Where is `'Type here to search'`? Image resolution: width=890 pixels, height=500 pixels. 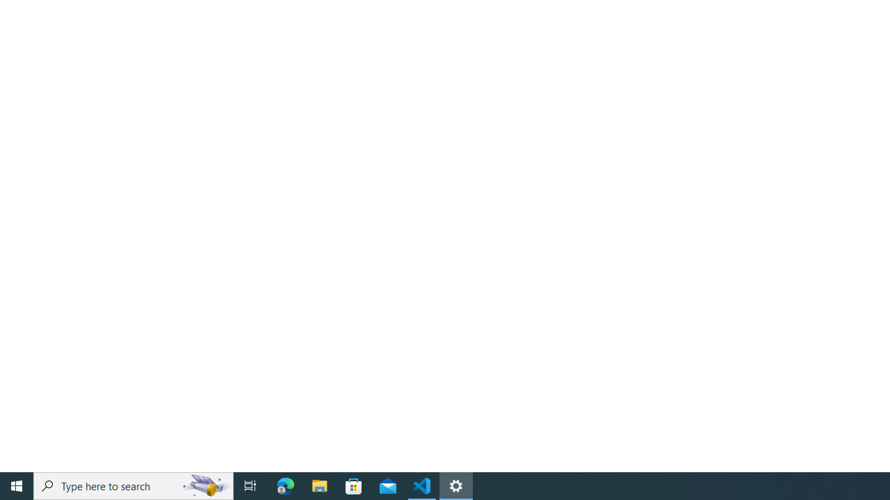 'Type here to search' is located at coordinates (133, 485).